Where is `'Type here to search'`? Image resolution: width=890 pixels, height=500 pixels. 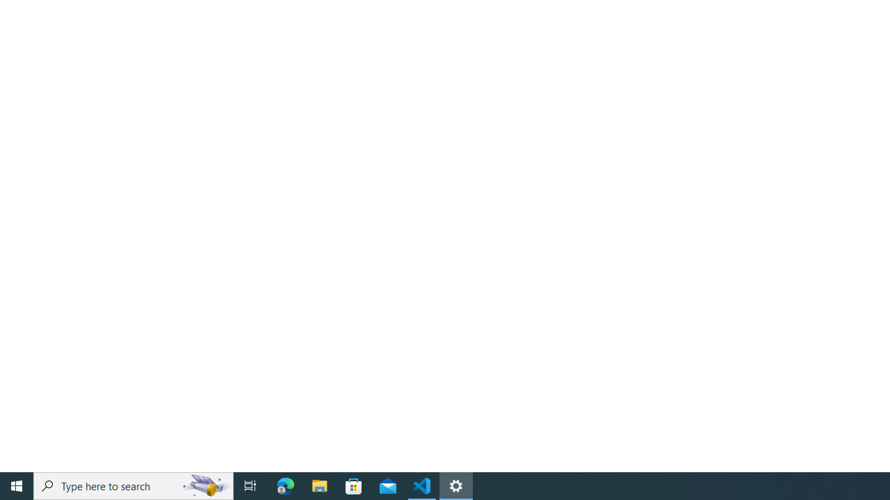 'Type here to search' is located at coordinates (133, 485).